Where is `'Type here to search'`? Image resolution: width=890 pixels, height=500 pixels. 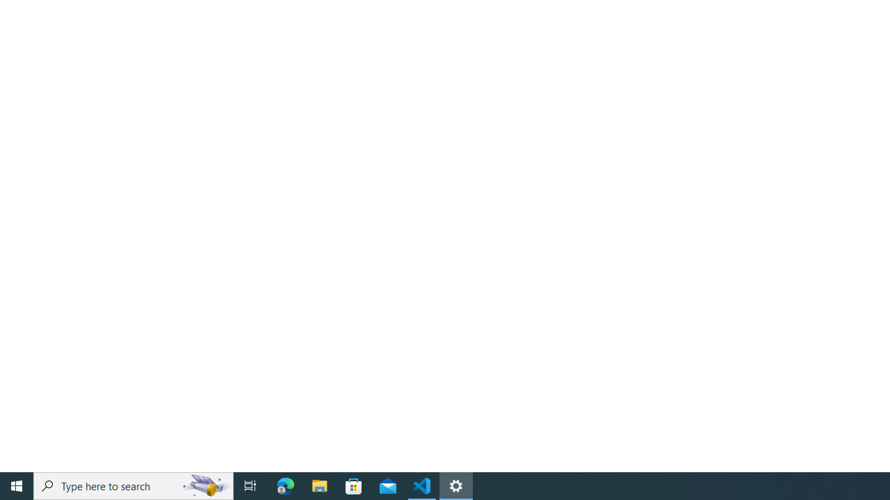 'Type here to search' is located at coordinates (133, 485).